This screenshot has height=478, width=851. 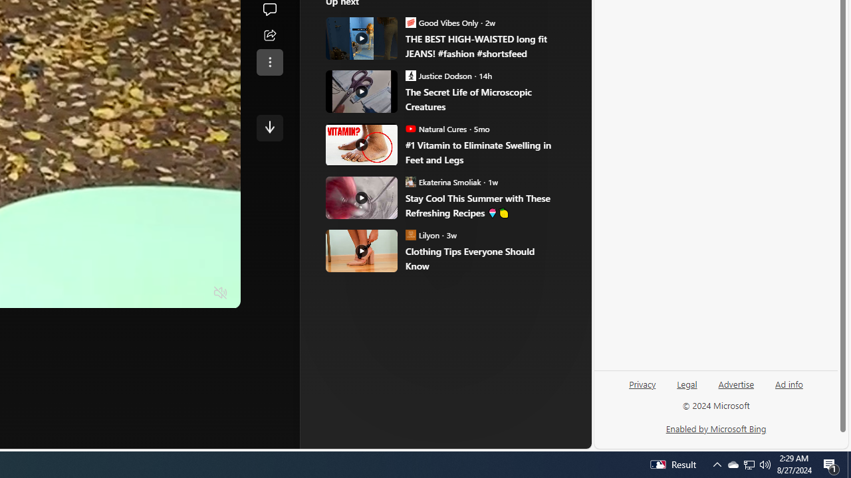 I want to click on 'Natural Cures Natural Cures', so click(x=436, y=129).